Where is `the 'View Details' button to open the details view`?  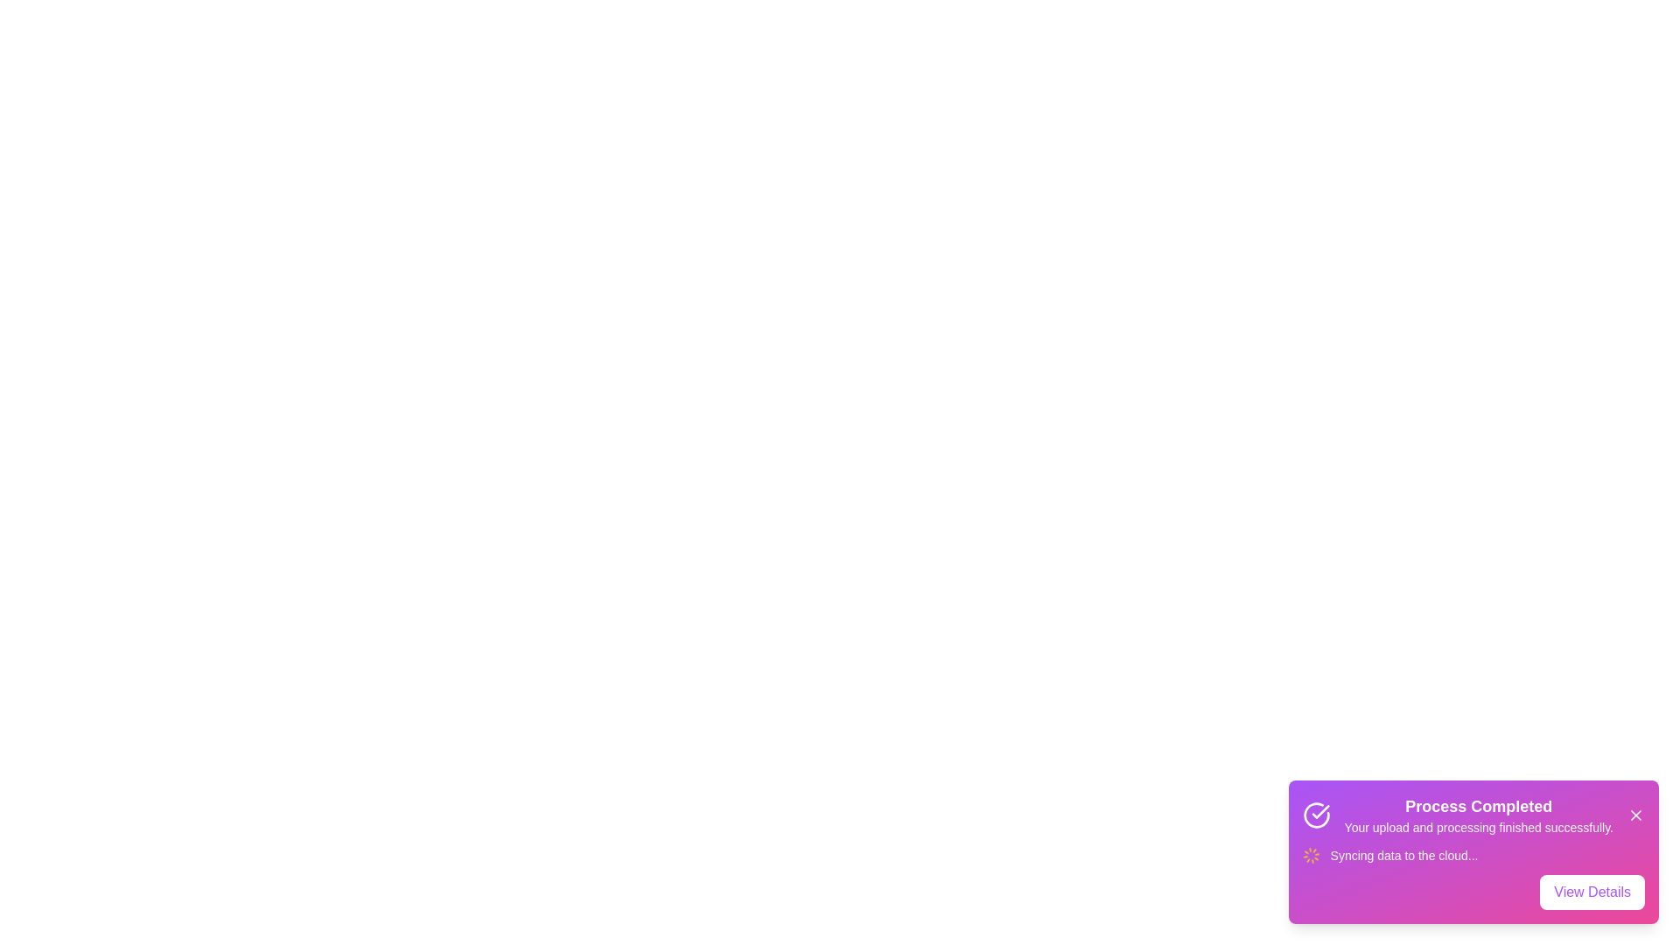 the 'View Details' button to open the details view is located at coordinates (1592, 892).